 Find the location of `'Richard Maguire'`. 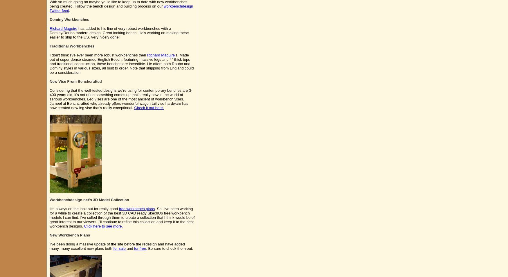

'Richard Maguire' is located at coordinates (63, 28).